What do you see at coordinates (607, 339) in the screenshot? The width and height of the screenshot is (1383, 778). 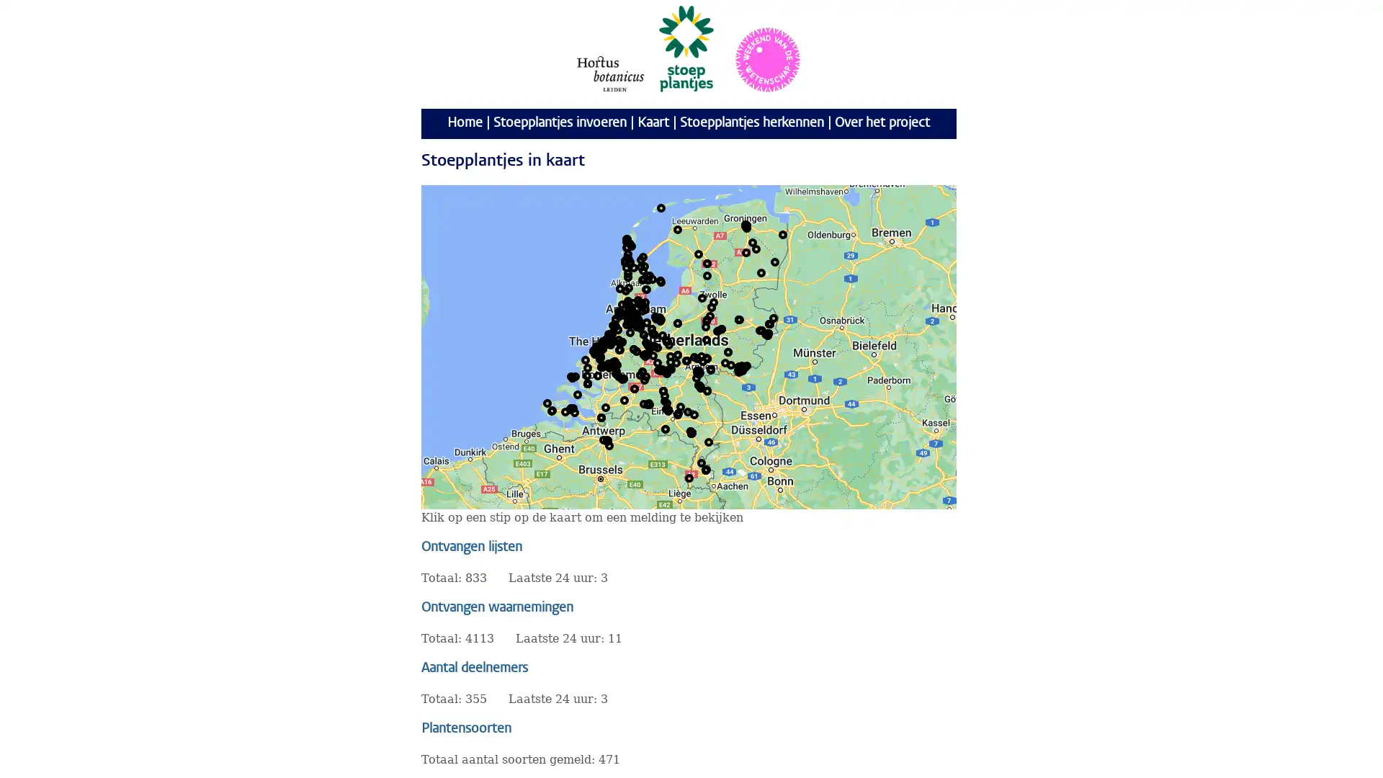 I see `Telling van op 03 november 2021` at bounding box center [607, 339].